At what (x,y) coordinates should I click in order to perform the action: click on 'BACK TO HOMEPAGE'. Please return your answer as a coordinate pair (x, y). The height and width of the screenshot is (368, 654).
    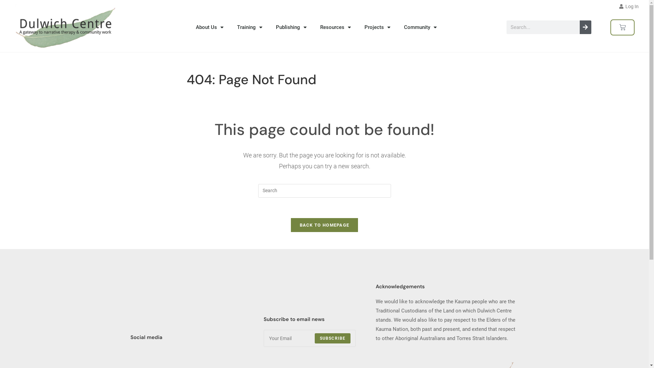
    Looking at the image, I should click on (291, 225).